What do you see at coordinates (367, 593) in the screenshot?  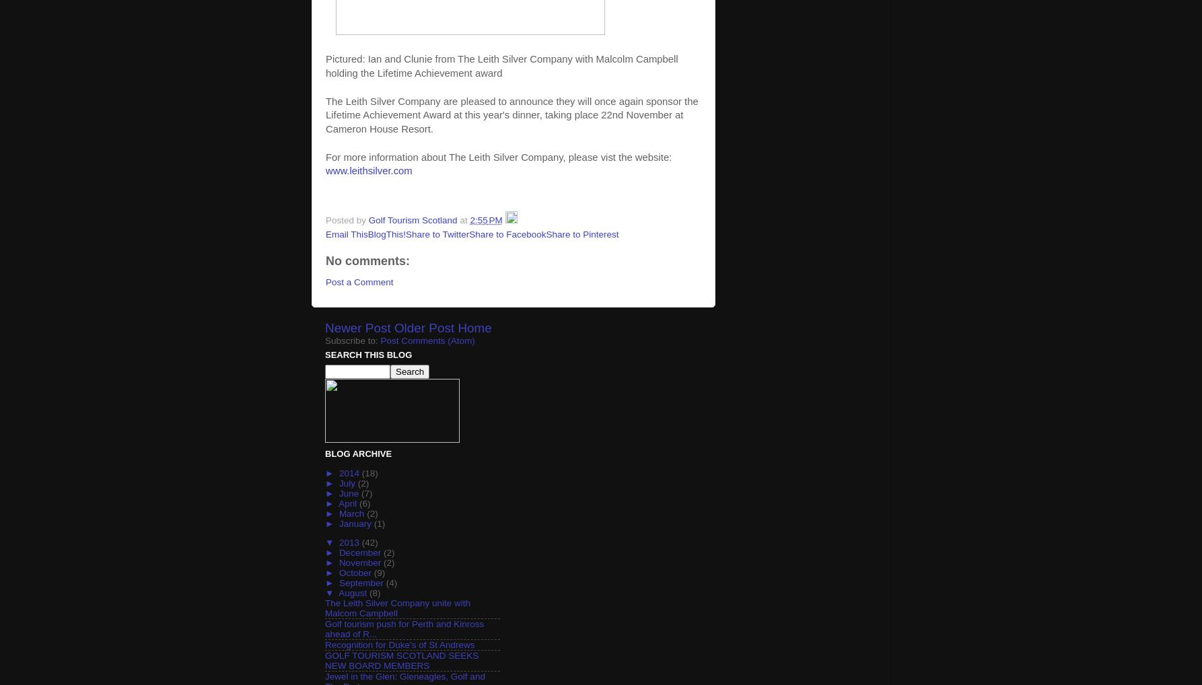 I see `'(8)'` at bounding box center [367, 593].